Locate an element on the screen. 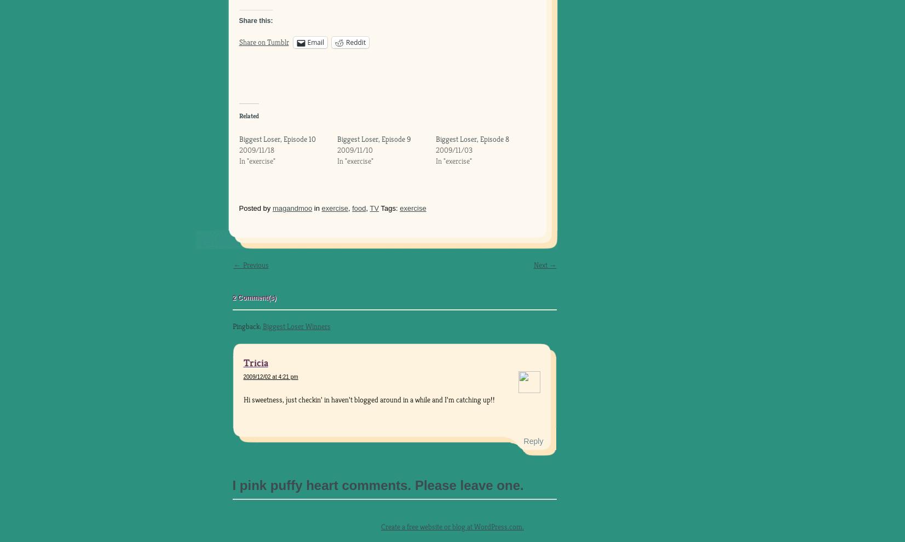  'magandmoo' is located at coordinates (291, 208).